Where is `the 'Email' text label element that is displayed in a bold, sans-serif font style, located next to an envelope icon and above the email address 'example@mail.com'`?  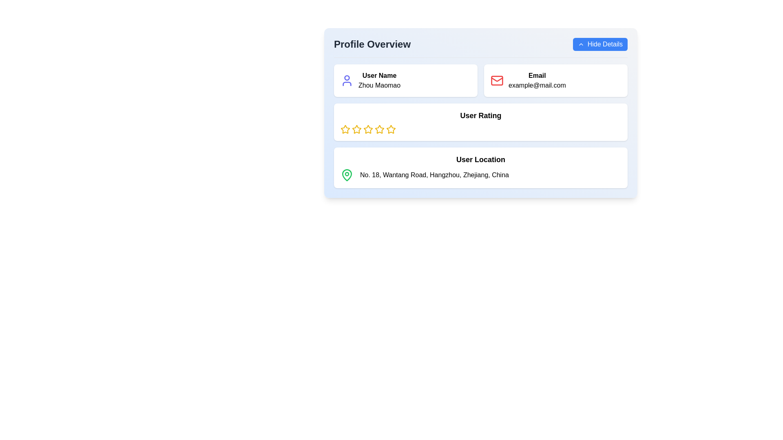
the 'Email' text label element that is displayed in a bold, sans-serif font style, located next to an envelope icon and above the email address 'example@mail.com' is located at coordinates (537, 75).